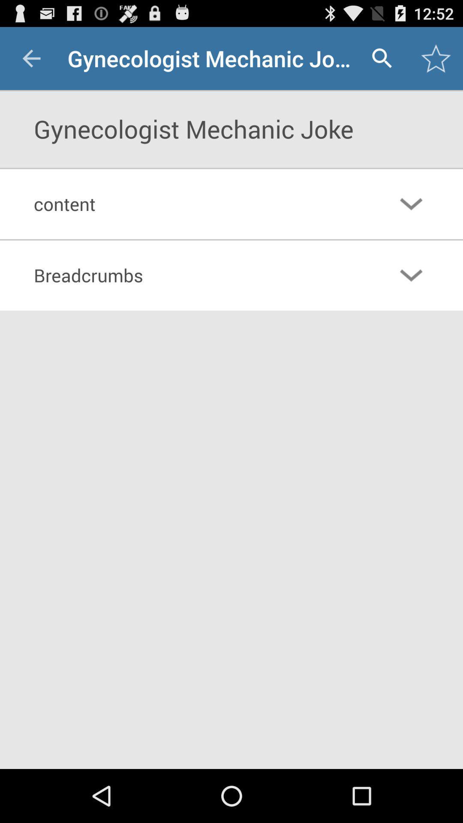  Describe the element at coordinates (196, 203) in the screenshot. I see `content icon` at that location.